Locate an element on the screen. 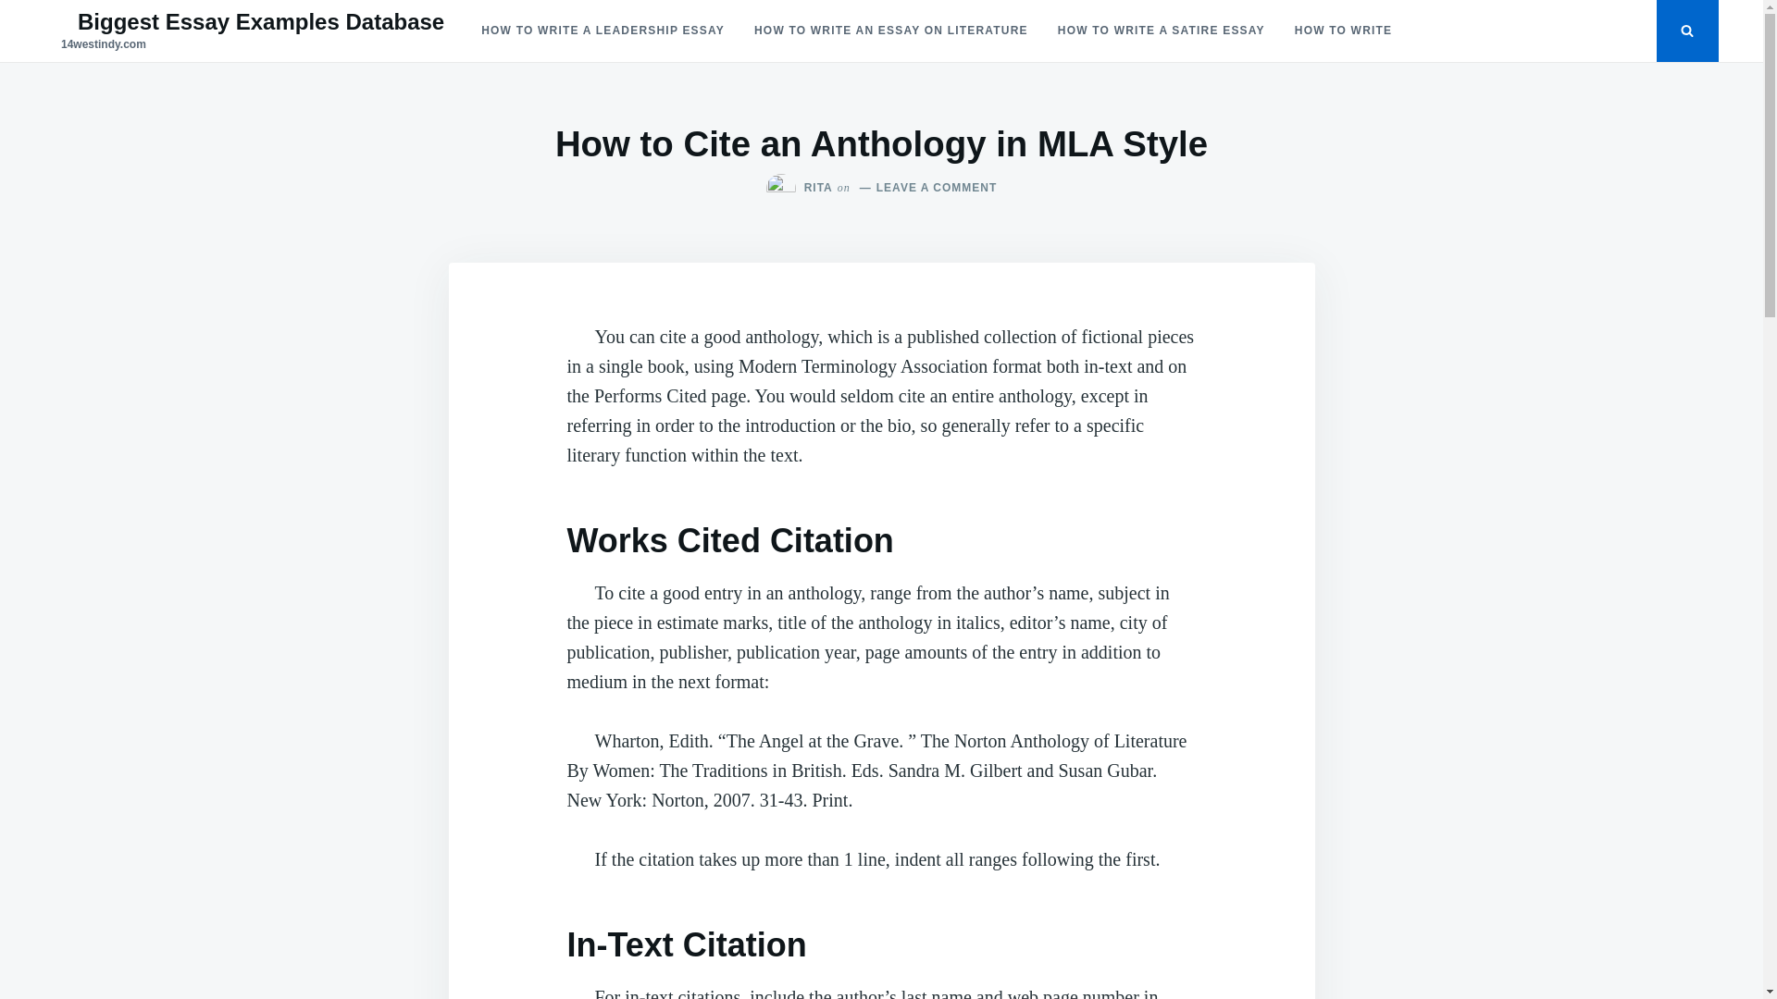 The height and width of the screenshot is (999, 1777). 'LEAVE A COMMENT is located at coordinates (926, 188).